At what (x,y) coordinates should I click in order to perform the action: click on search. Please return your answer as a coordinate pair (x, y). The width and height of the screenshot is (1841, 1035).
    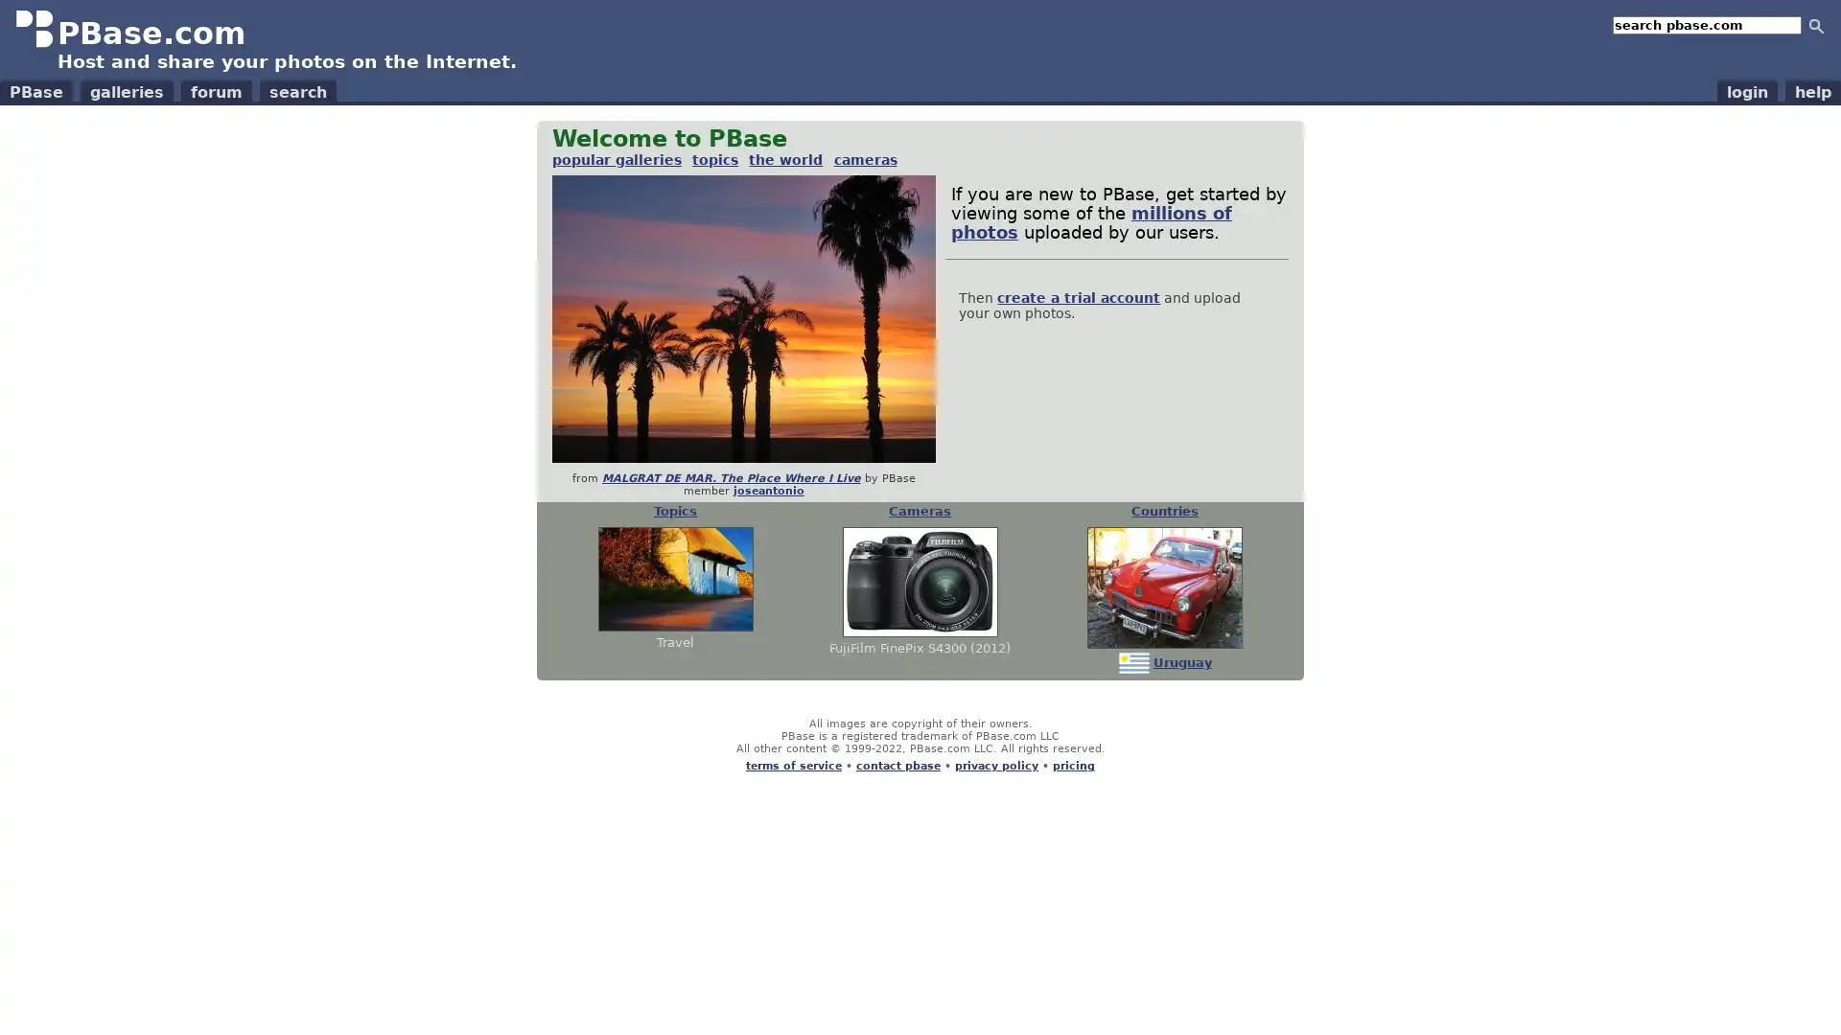
    Looking at the image, I should click on (1815, 25).